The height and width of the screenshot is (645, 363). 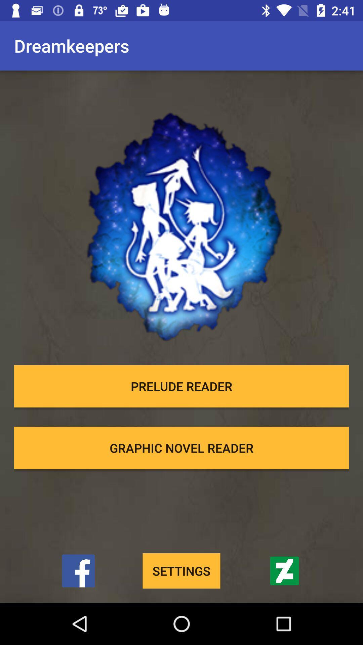 What do you see at coordinates (182, 448) in the screenshot?
I see `item below prelude reader` at bounding box center [182, 448].